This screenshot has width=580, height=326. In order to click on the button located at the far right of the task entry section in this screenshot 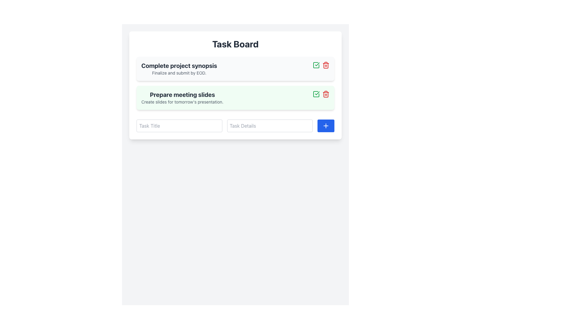, I will do `click(326, 125)`.